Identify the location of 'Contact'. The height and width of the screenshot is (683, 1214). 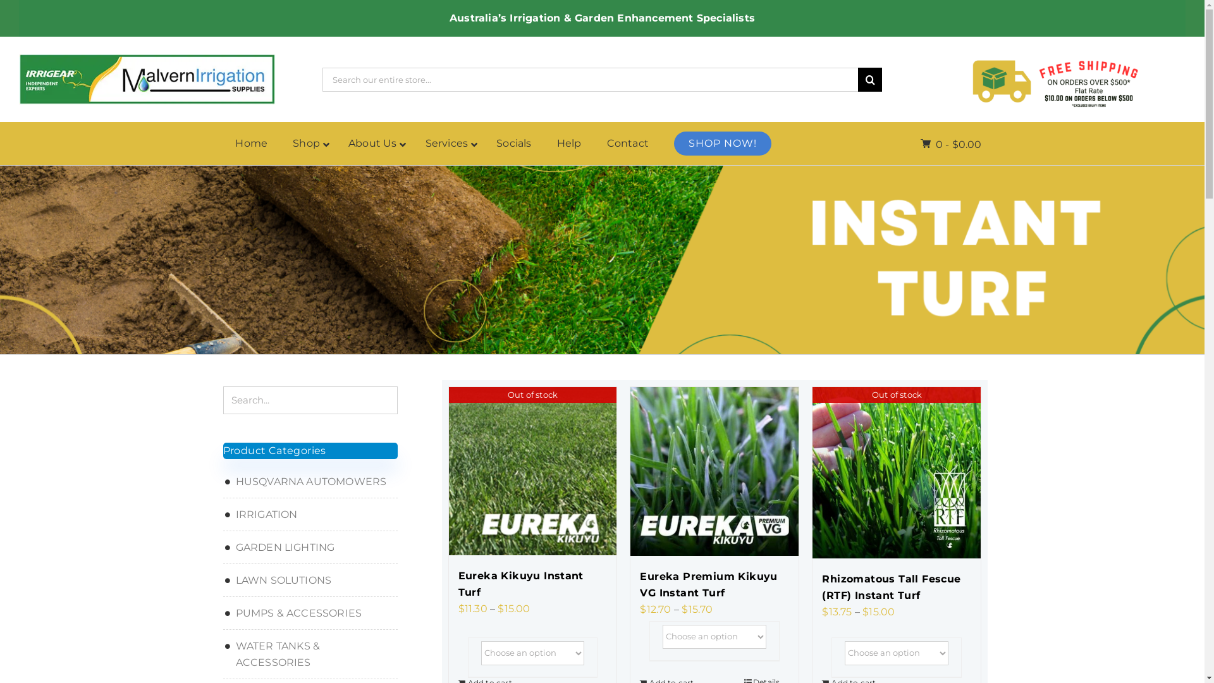
(628, 143).